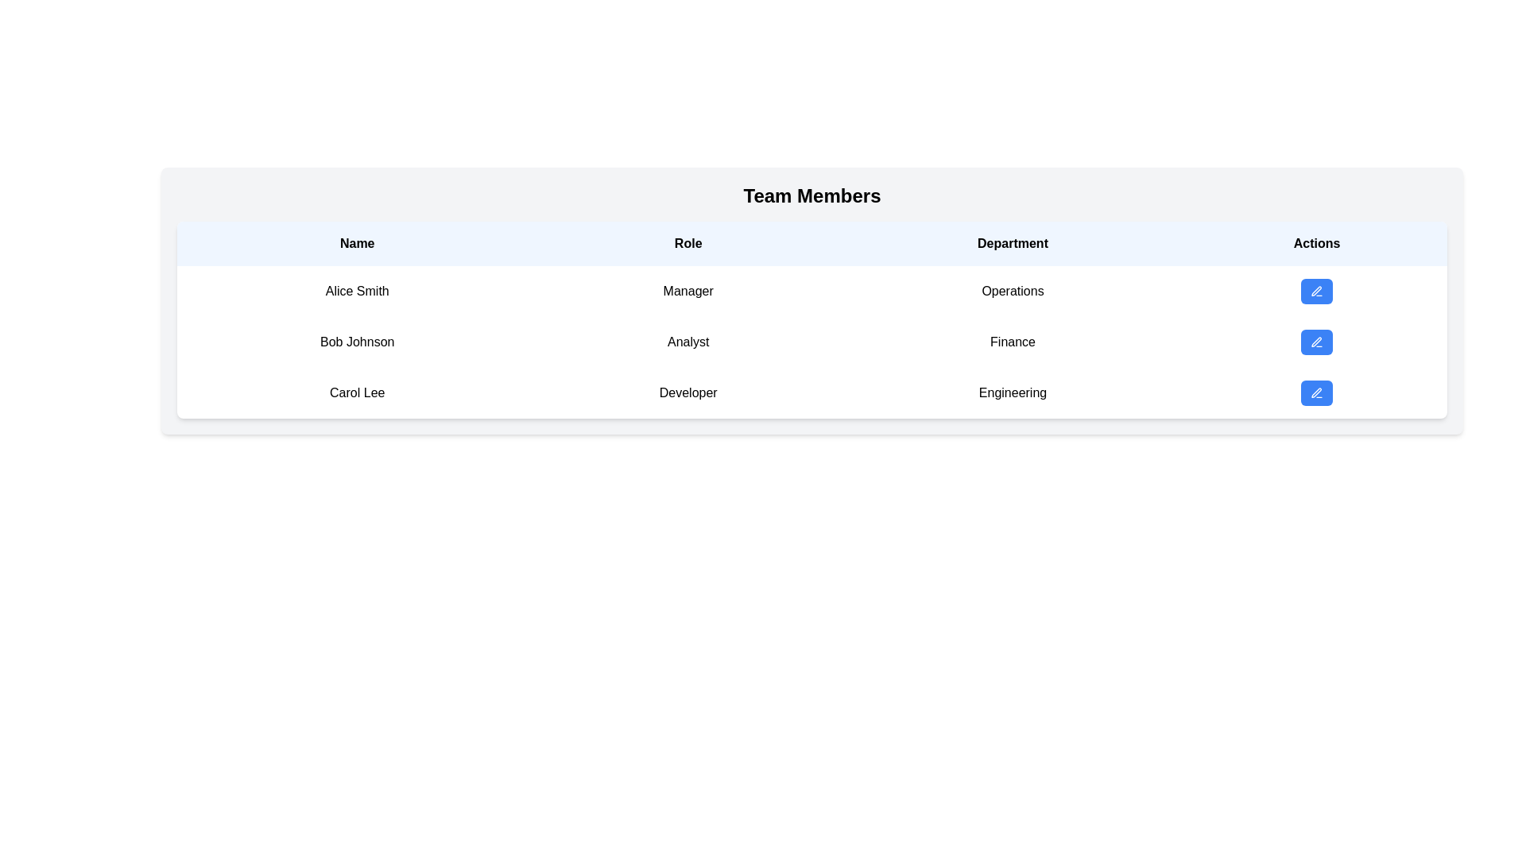  I want to click on text content of the 'Department' header label in the table, which is located between 'Role' and 'Actions' at the top of the page, so click(1012, 244).